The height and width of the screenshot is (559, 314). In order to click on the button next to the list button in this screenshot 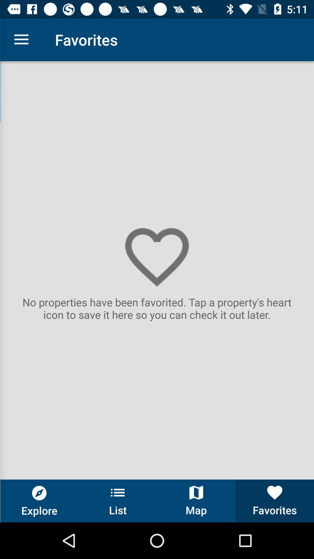, I will do `click(39, 500)`.